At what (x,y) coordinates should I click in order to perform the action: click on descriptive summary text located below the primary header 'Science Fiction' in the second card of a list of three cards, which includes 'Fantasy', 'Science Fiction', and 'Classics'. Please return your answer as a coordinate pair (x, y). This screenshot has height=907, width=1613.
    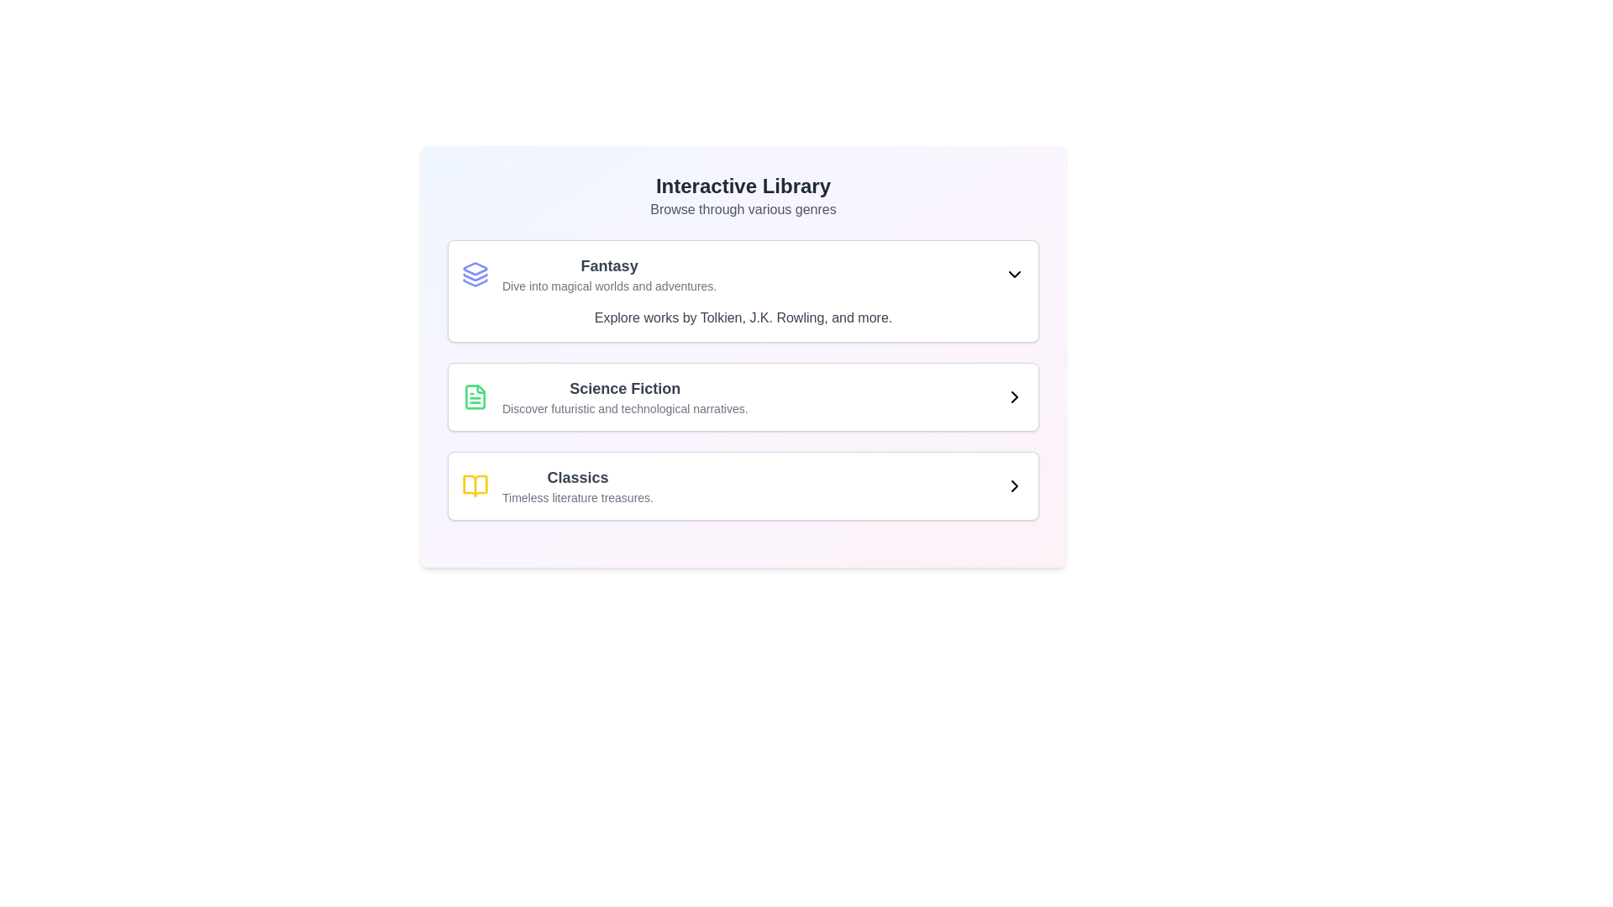
    Looking at the image, I should click on (624, 408).